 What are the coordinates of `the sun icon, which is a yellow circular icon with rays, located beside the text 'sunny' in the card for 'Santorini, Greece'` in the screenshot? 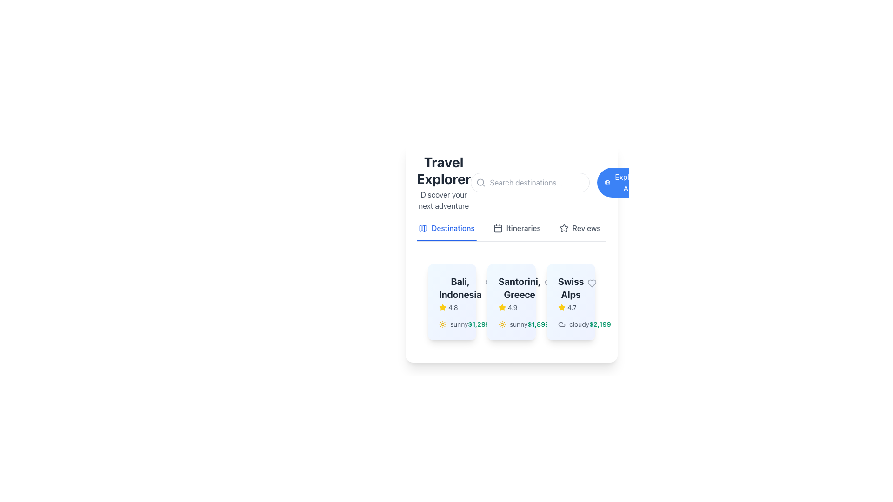 It's located at (502, 324).